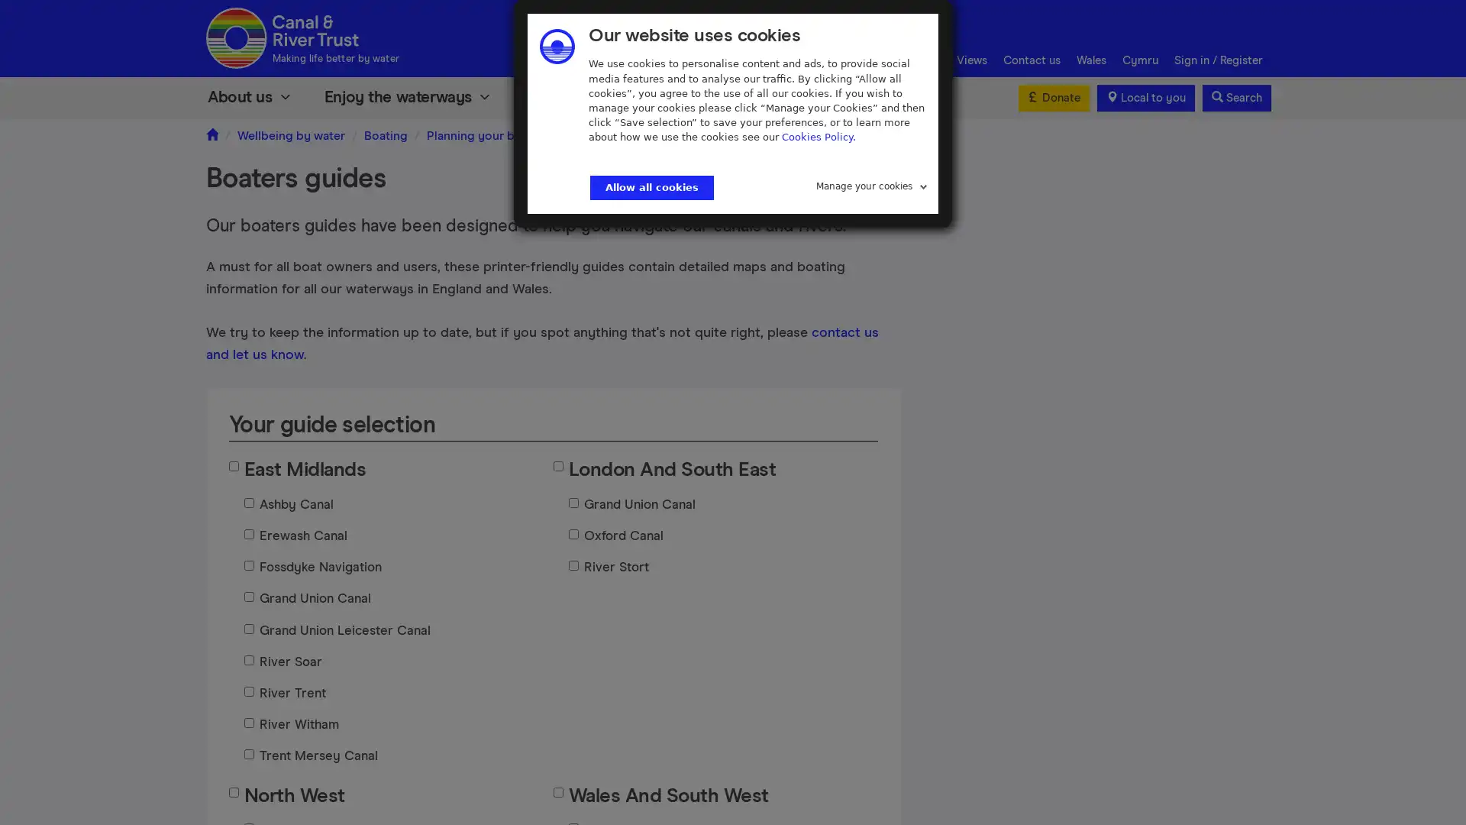  I want to click on Enjoy the waterways, so click(410, 97).